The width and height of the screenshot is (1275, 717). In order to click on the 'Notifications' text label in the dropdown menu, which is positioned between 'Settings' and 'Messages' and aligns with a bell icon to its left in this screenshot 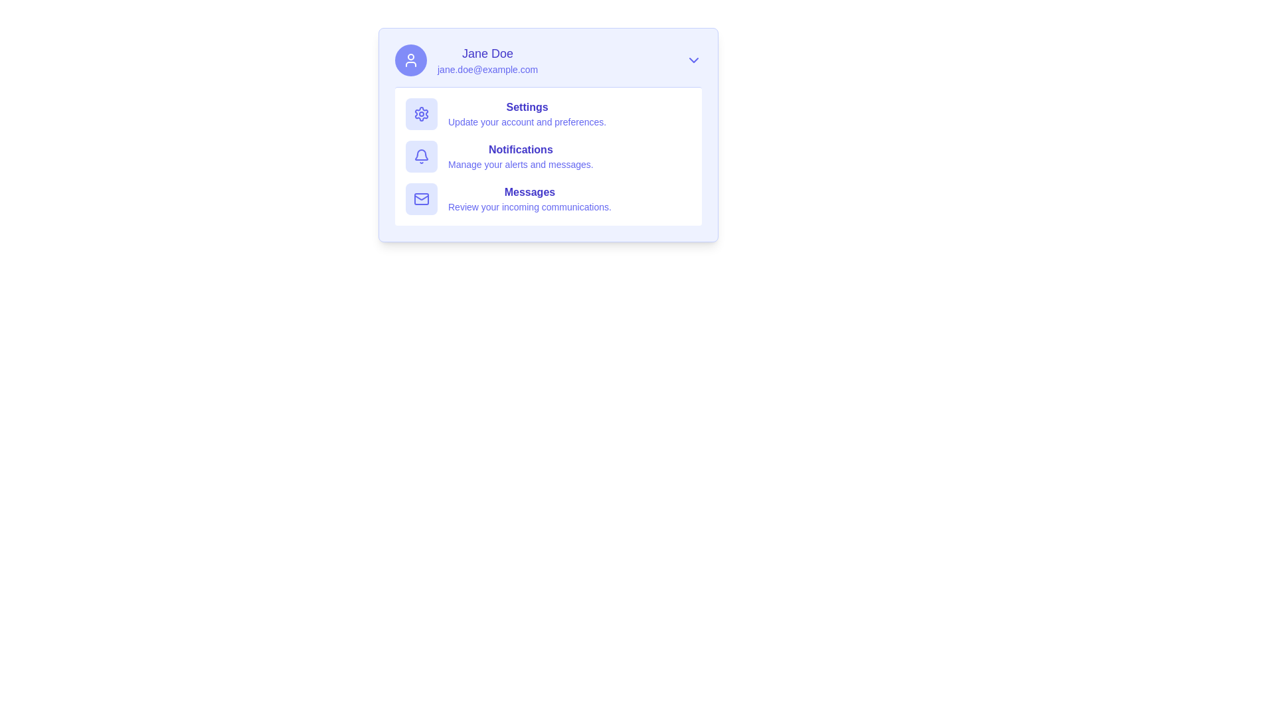, I will do `click(520, 149)`.